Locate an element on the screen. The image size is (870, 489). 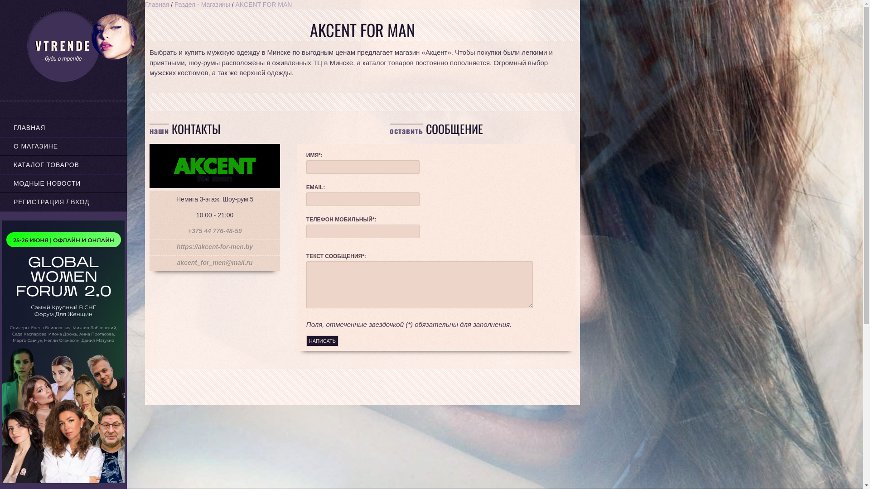
'+375 44 776-48-59' is located at coordinates (214, 230).